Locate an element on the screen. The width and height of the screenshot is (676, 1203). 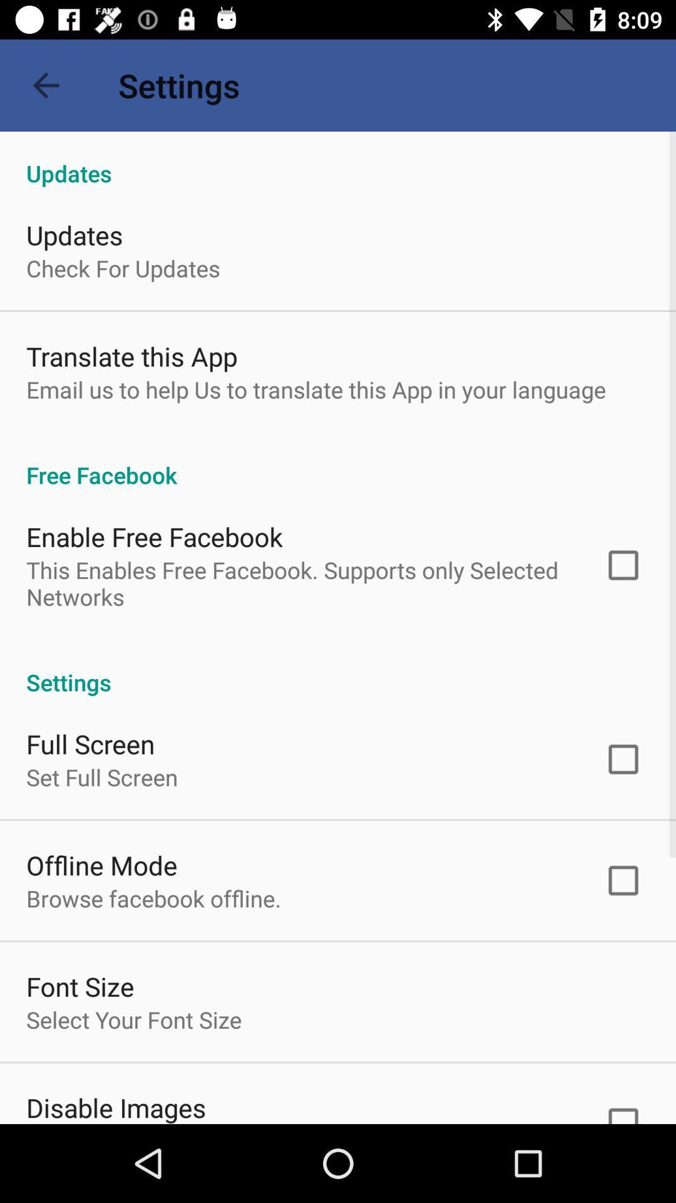
icon above font size icon is located at coordinates (153, 898).